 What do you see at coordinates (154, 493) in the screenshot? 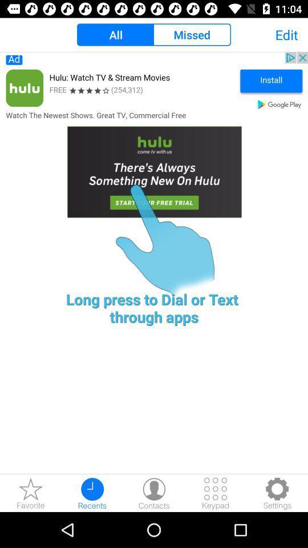
I see `contacts the option` at bounding box center [154, 493].